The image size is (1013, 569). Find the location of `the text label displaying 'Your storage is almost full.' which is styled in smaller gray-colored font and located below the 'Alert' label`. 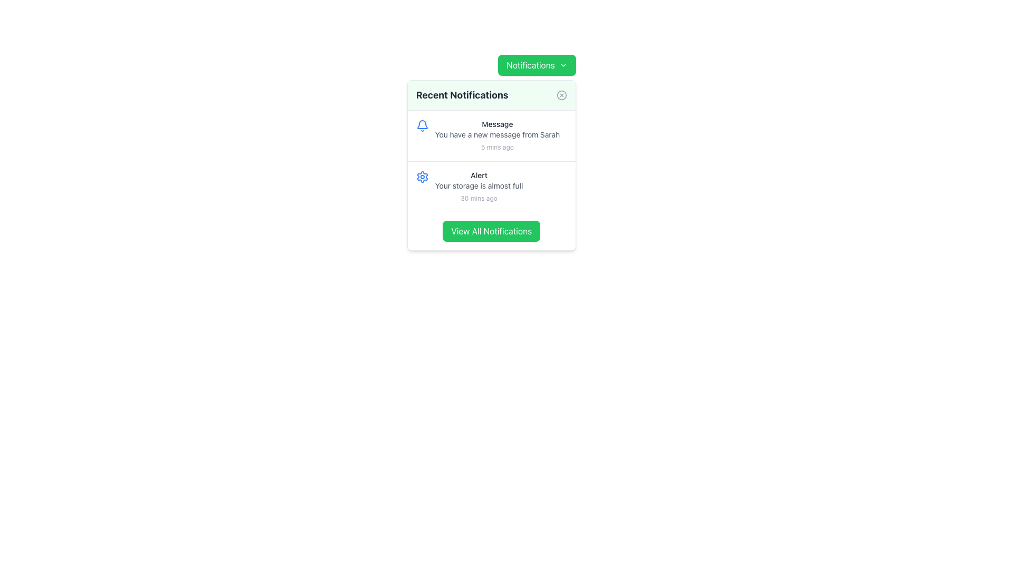

the text label displaying 'Your storage is almost full.' which is styled in smaller gray-colored font and located below the 'Alert' label is located at coordinates (479, 185).